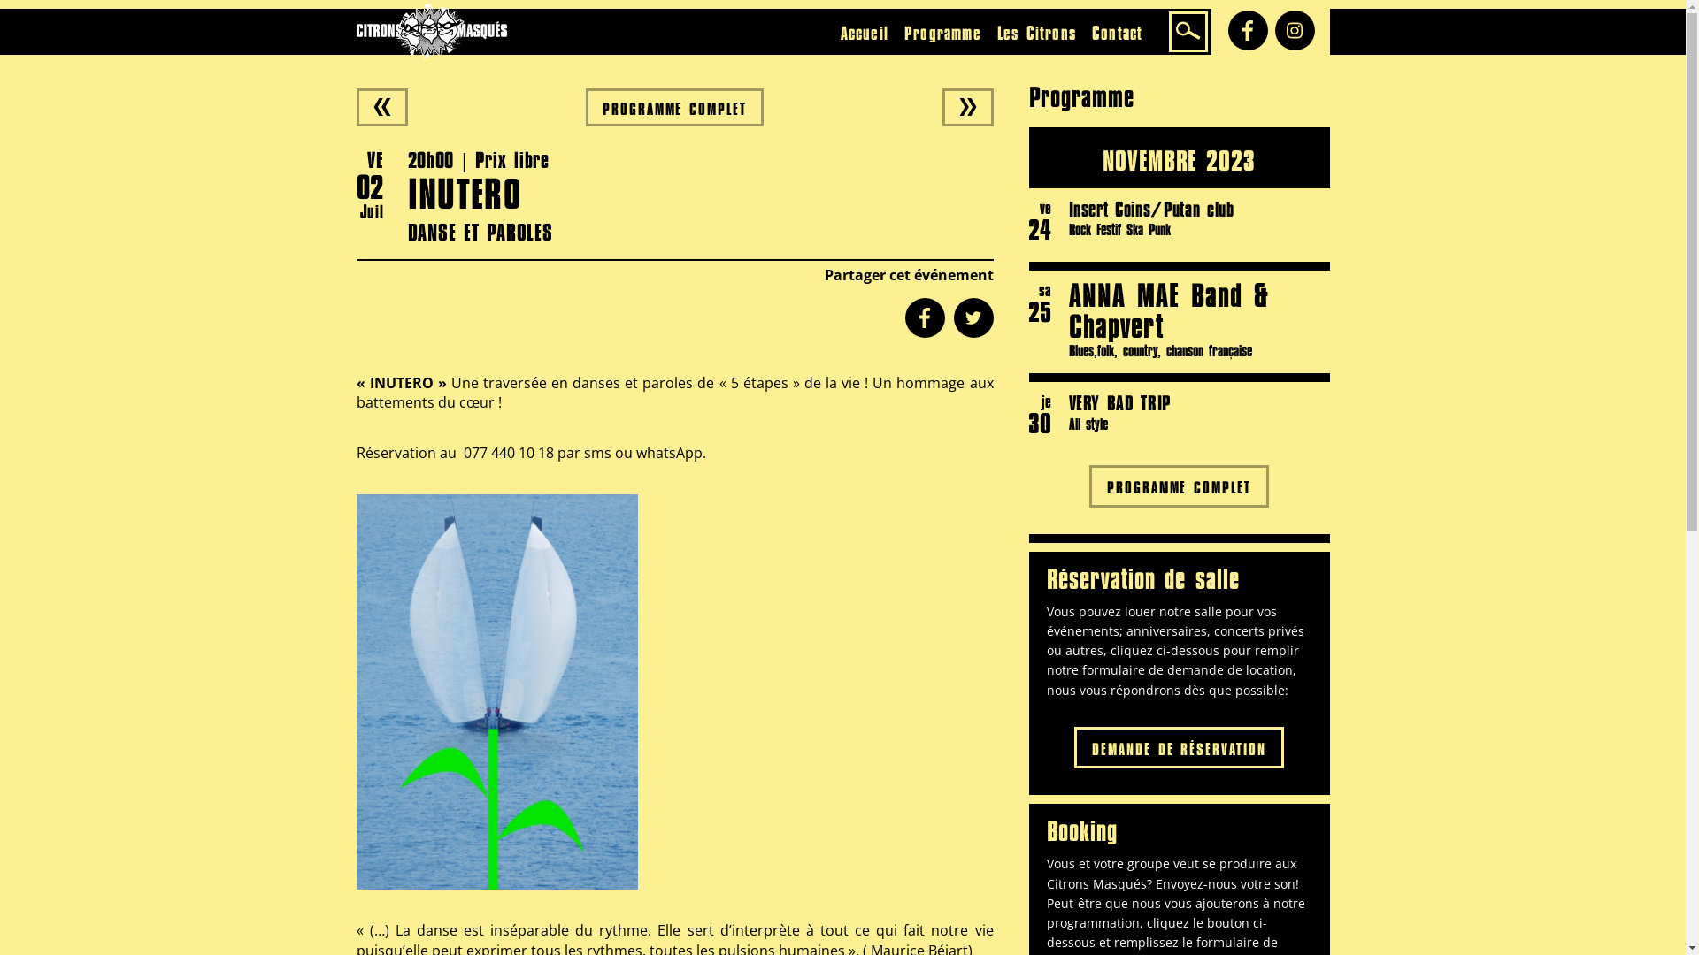  I want to click on 'Programme', so click(942, 33).